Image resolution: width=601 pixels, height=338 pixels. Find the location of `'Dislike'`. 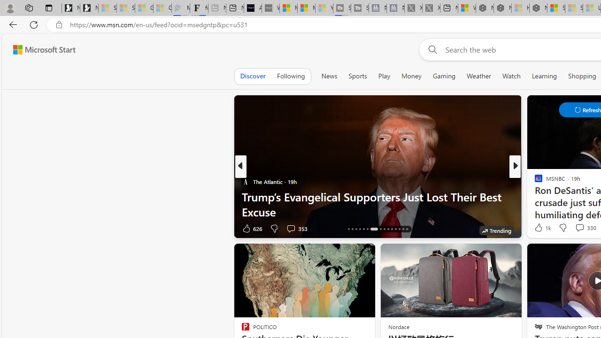

'Dislike' is located at coordinates (562, 227).